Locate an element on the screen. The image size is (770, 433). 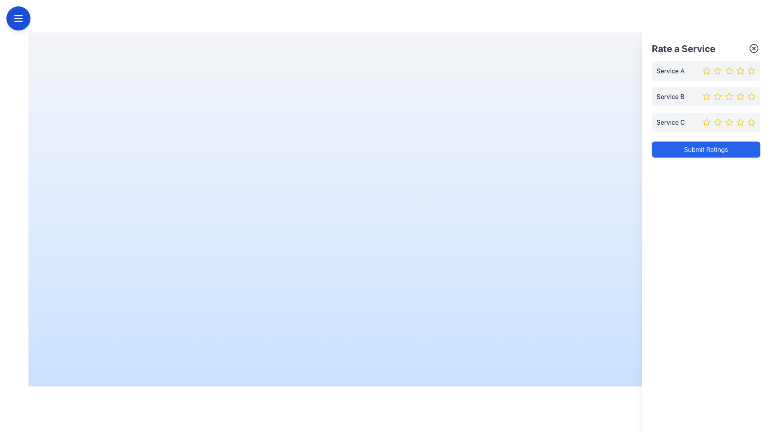
the second star icon is located at coordinates (729, 71).